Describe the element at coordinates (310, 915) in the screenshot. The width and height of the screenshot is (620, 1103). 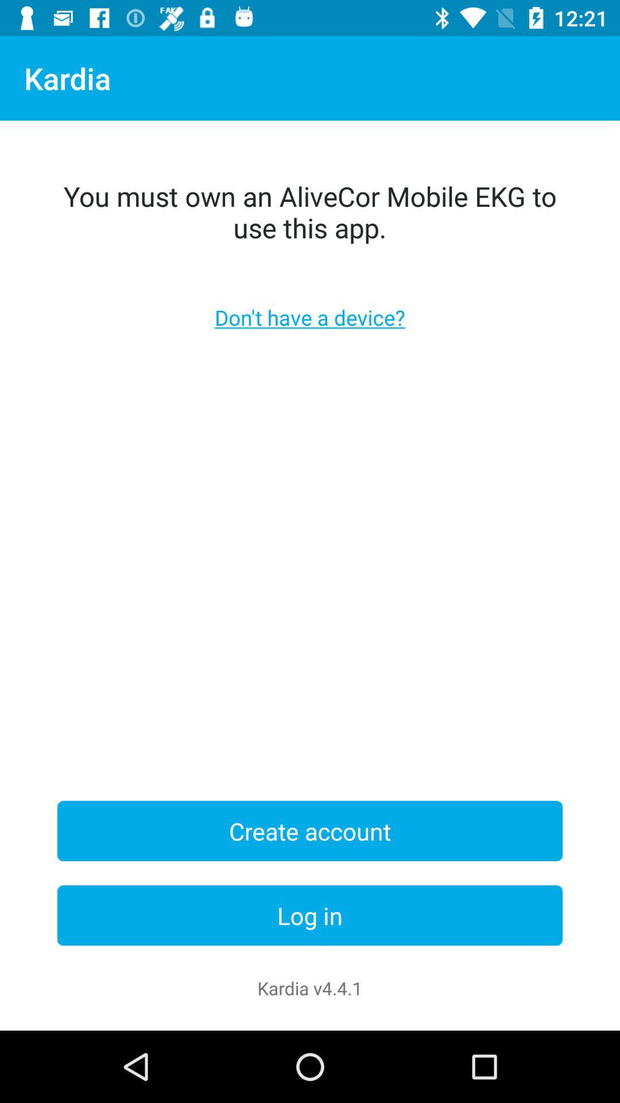
I see `the item above the kardia v4 4 icon` at that location.